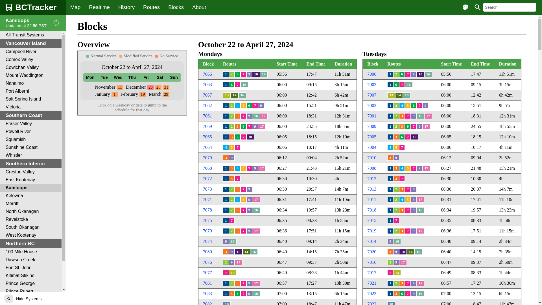 This screenshot has height=305, width=542. I want to click on '7', so click(243, 137).